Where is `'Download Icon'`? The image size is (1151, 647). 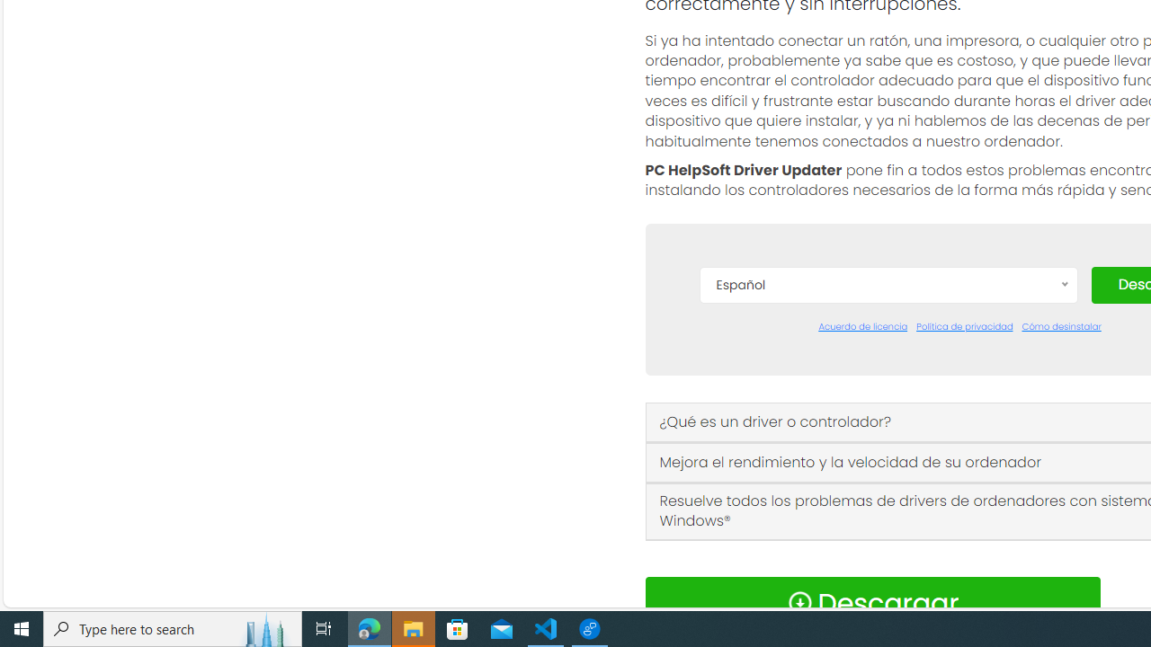
'Download Icon' is located at coordinates (799, 603).